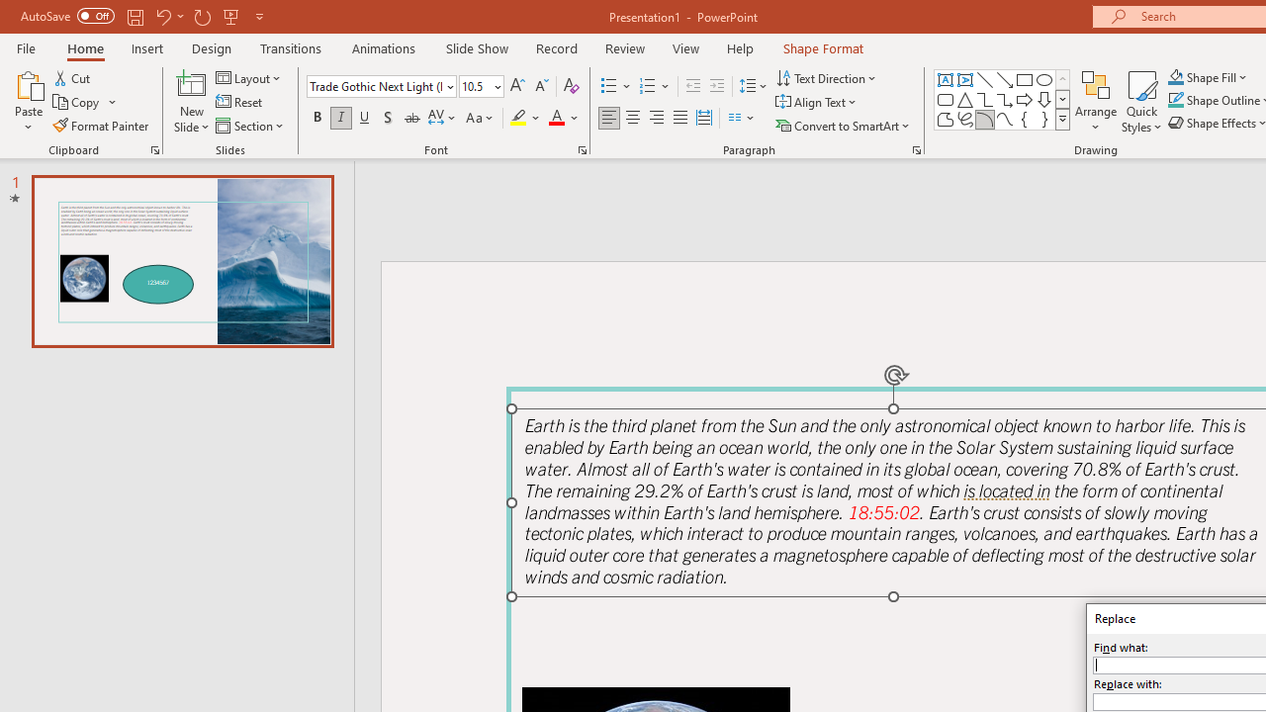  Describe the element at coordinates (984, 79) in the screenshot. I see `'Line'` at that location.